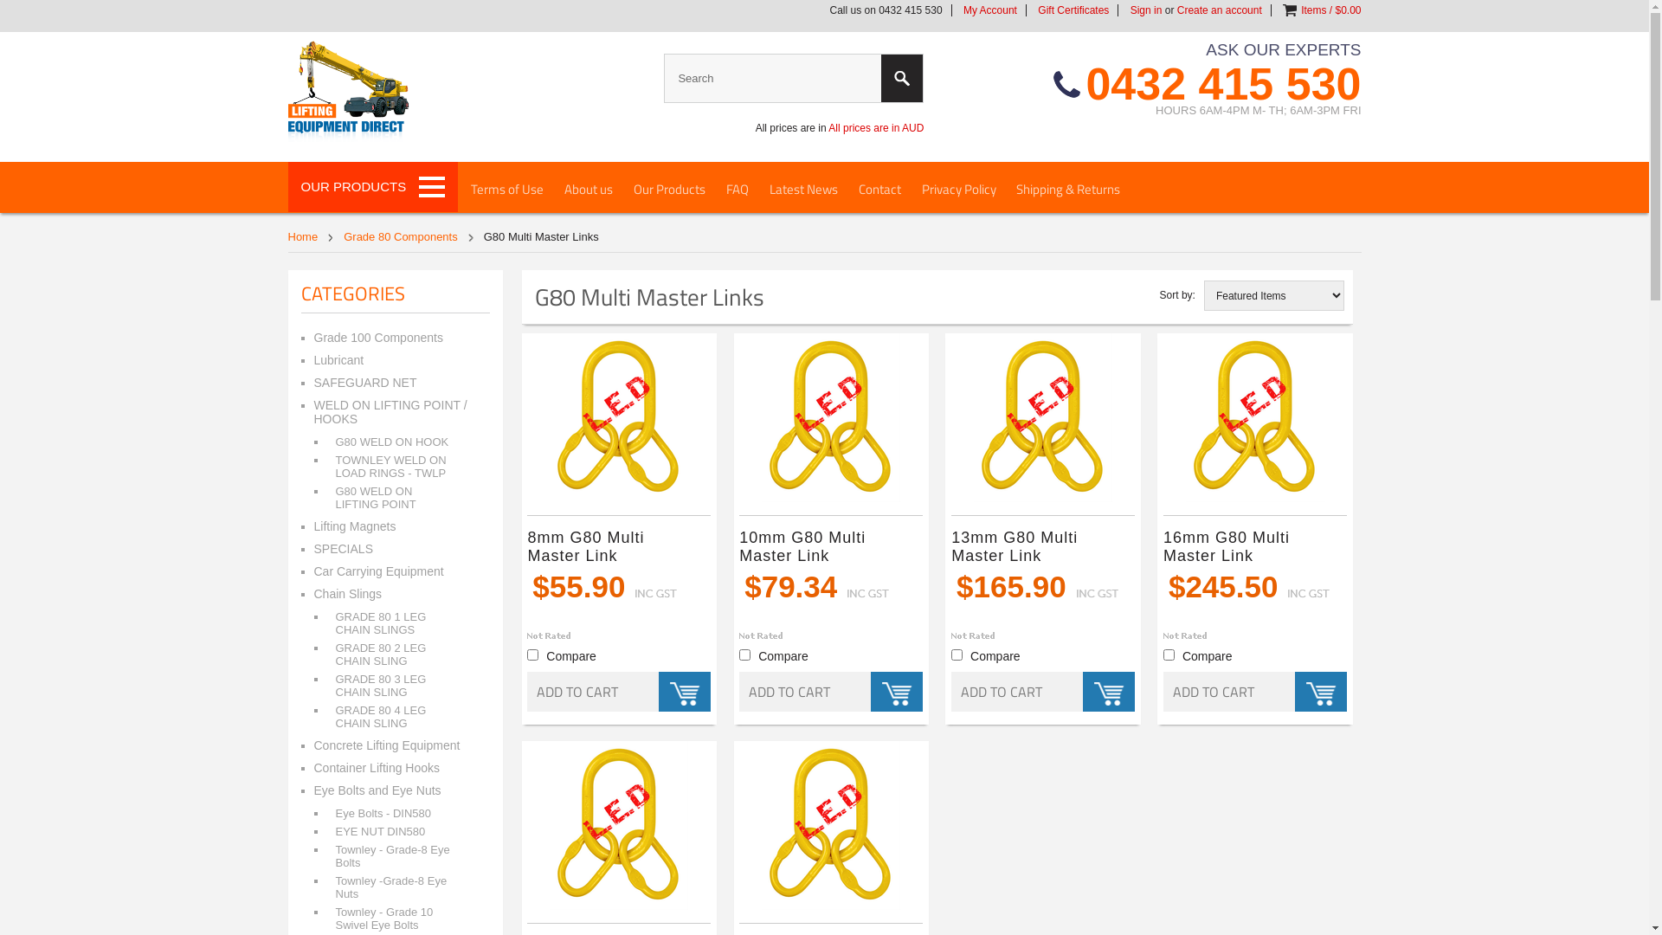  I want to click on 'Eye Bolts - DIN580', so click(395, 813).